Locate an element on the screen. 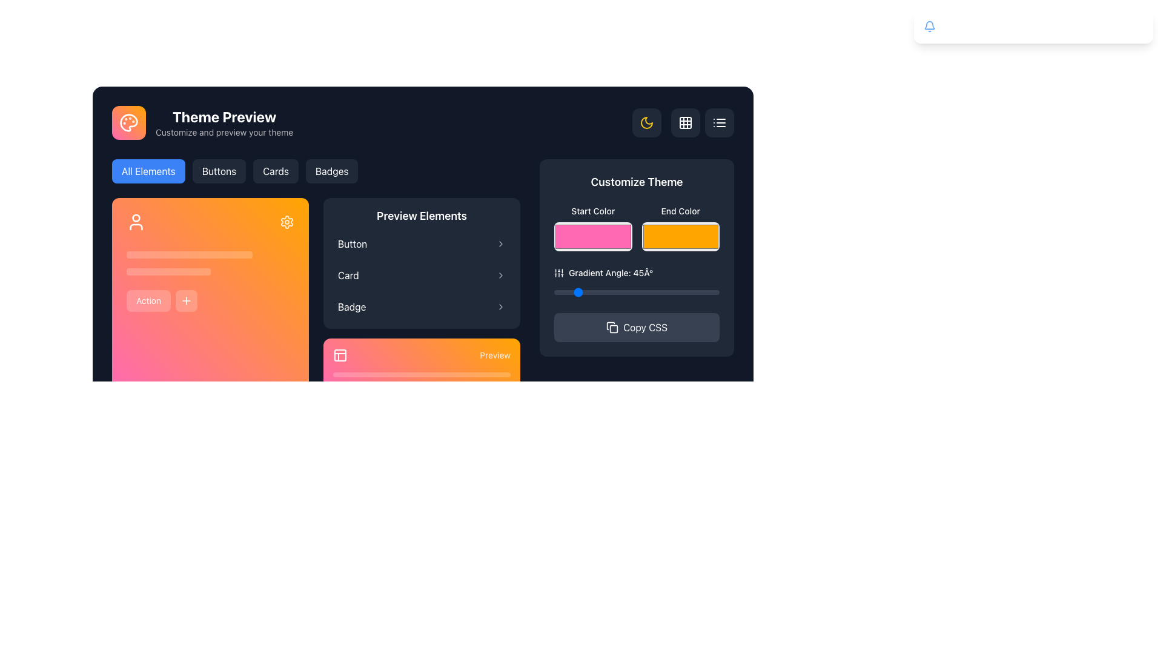  the 'Badges' button, which is the fourth item in the horizontal menu bar with a dark gray background that changes to light gray on hover is located at coordinates (332, 171).